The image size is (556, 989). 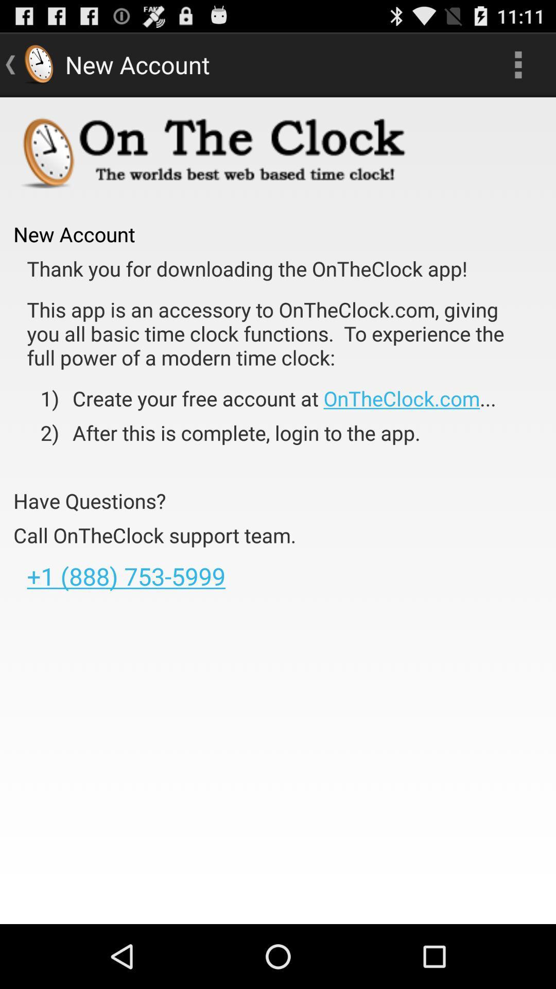 What do you see at coordinates (247, 268) in the screenshot?
I see `thank you for app` at bounding box center [247, 268].